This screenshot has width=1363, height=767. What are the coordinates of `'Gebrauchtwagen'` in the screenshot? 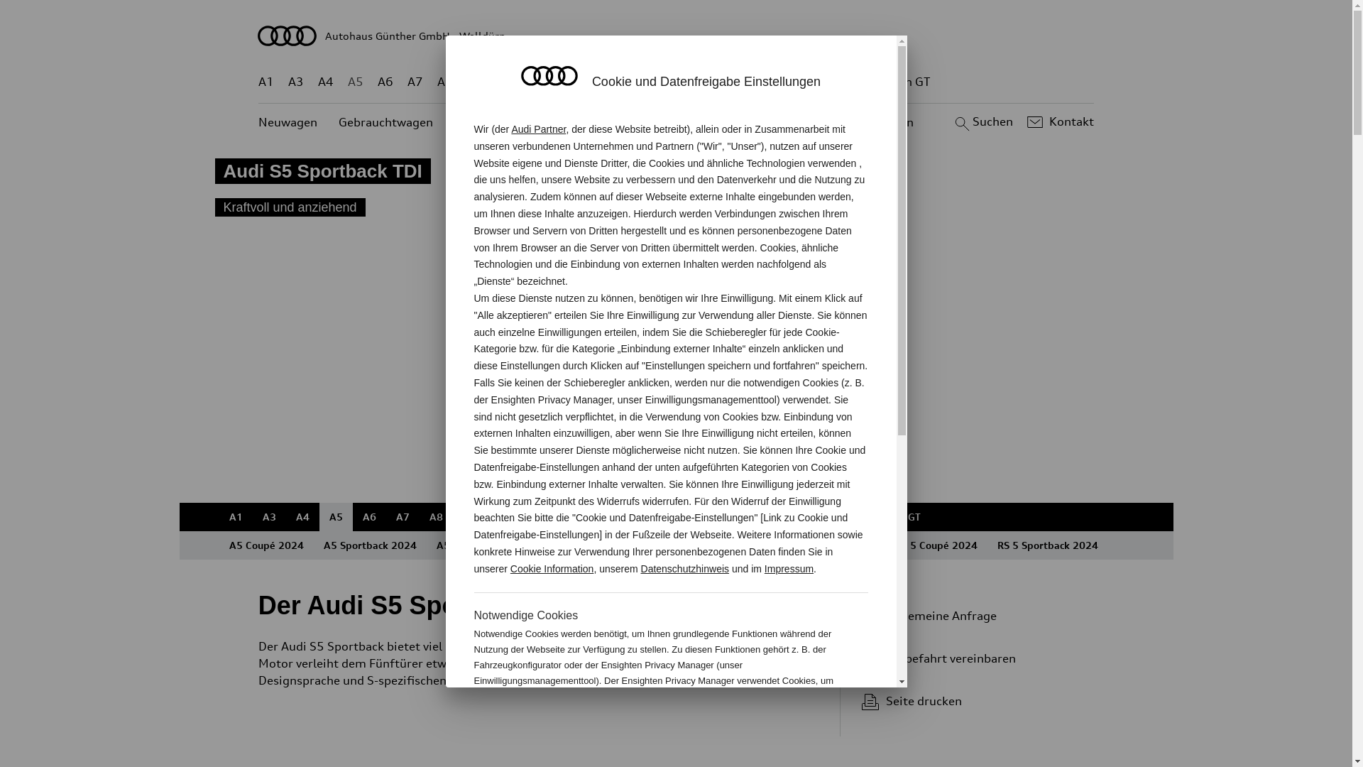 It's located at (385, 121).